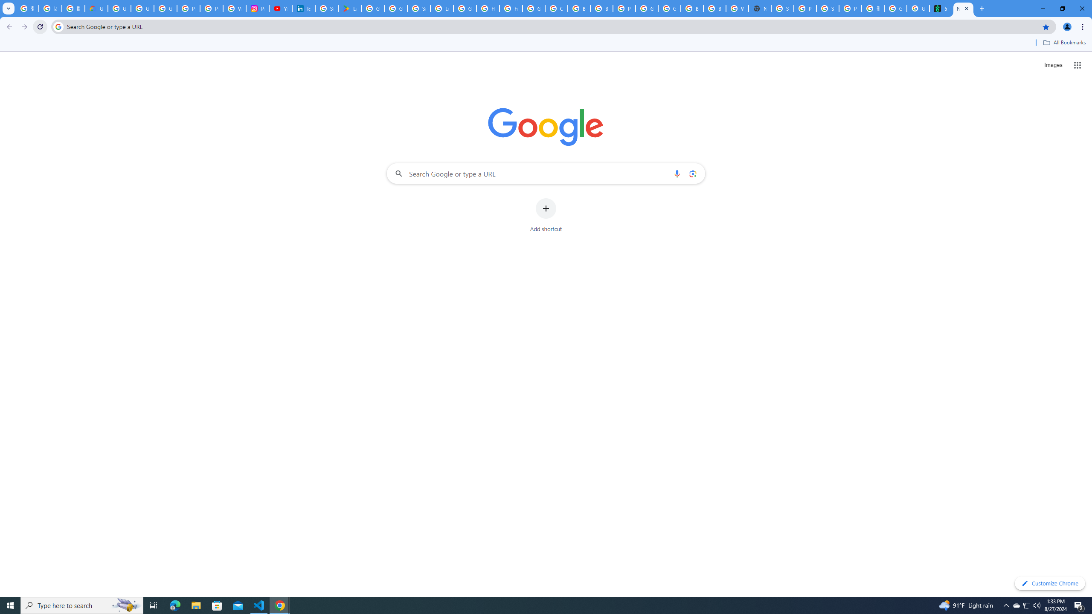  I want to click on 'Search for Images ', so click(1053, 65).